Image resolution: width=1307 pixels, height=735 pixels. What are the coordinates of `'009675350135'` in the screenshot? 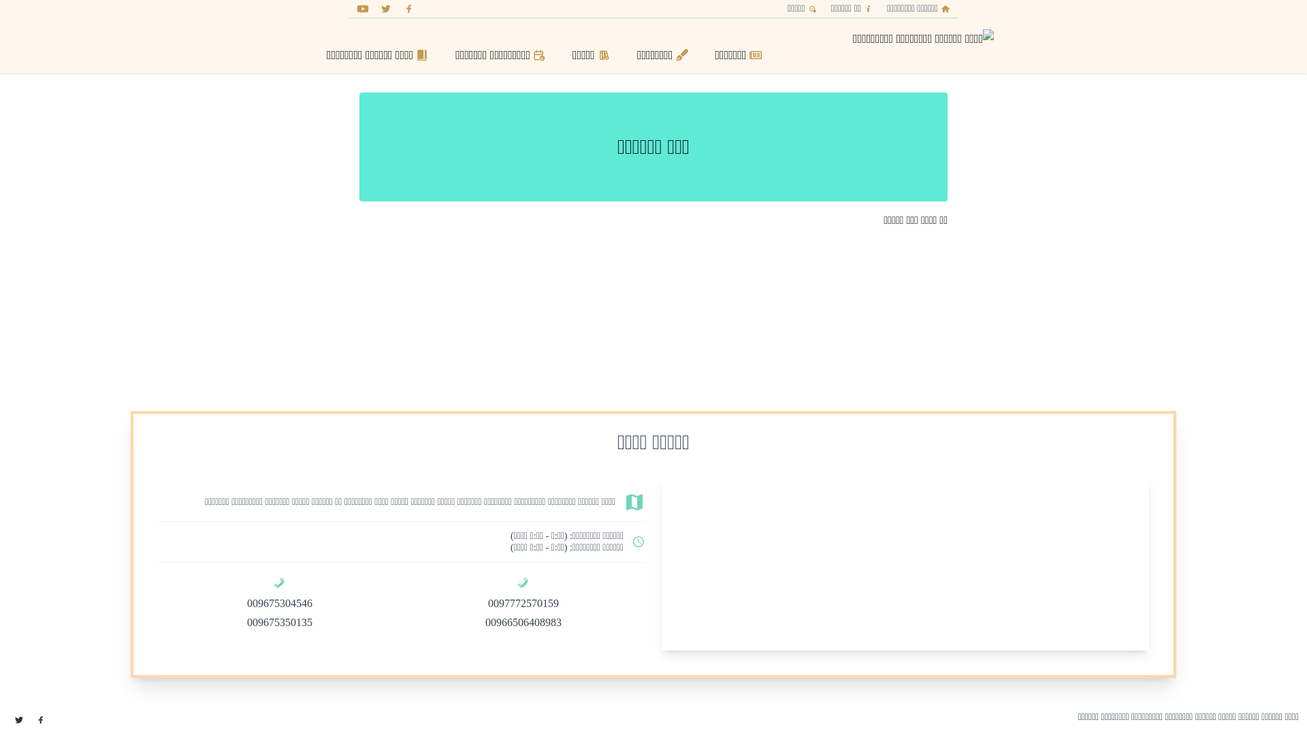 It's located at (279, 622).